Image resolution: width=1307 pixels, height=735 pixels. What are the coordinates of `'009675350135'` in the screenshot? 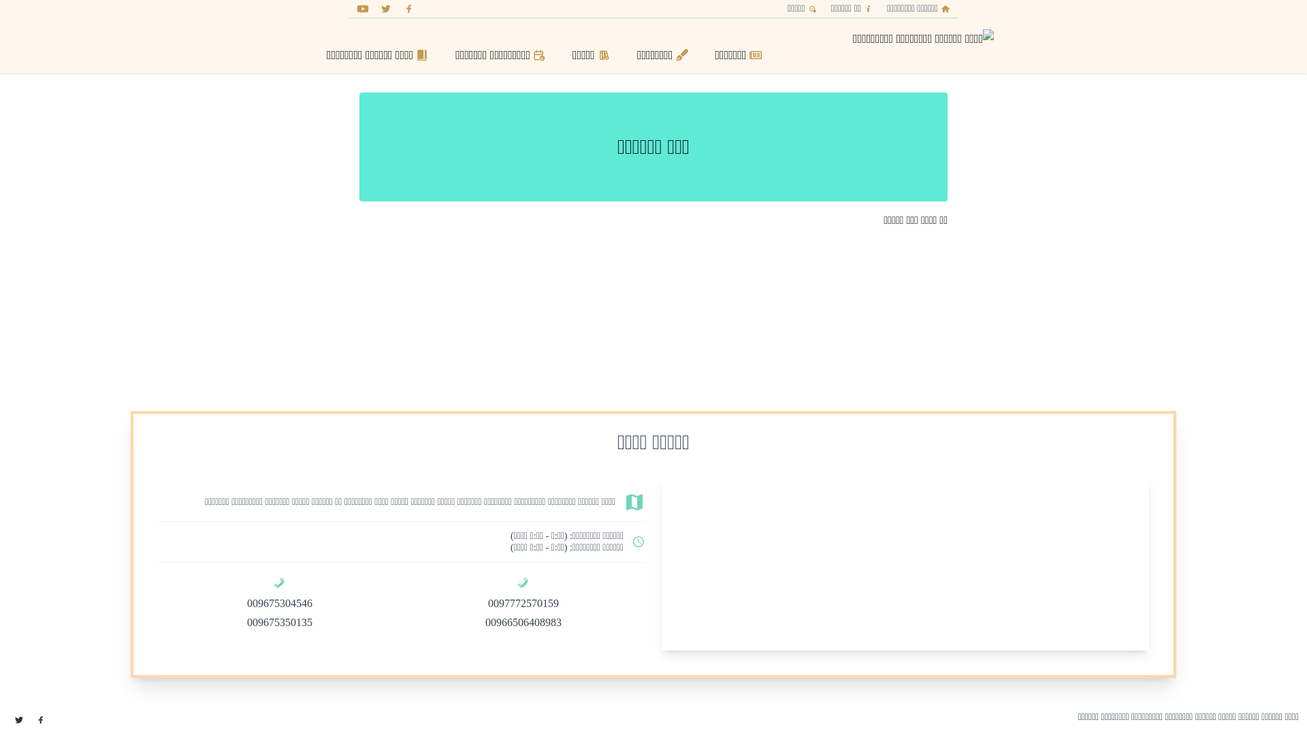 It's located at (279, 622).